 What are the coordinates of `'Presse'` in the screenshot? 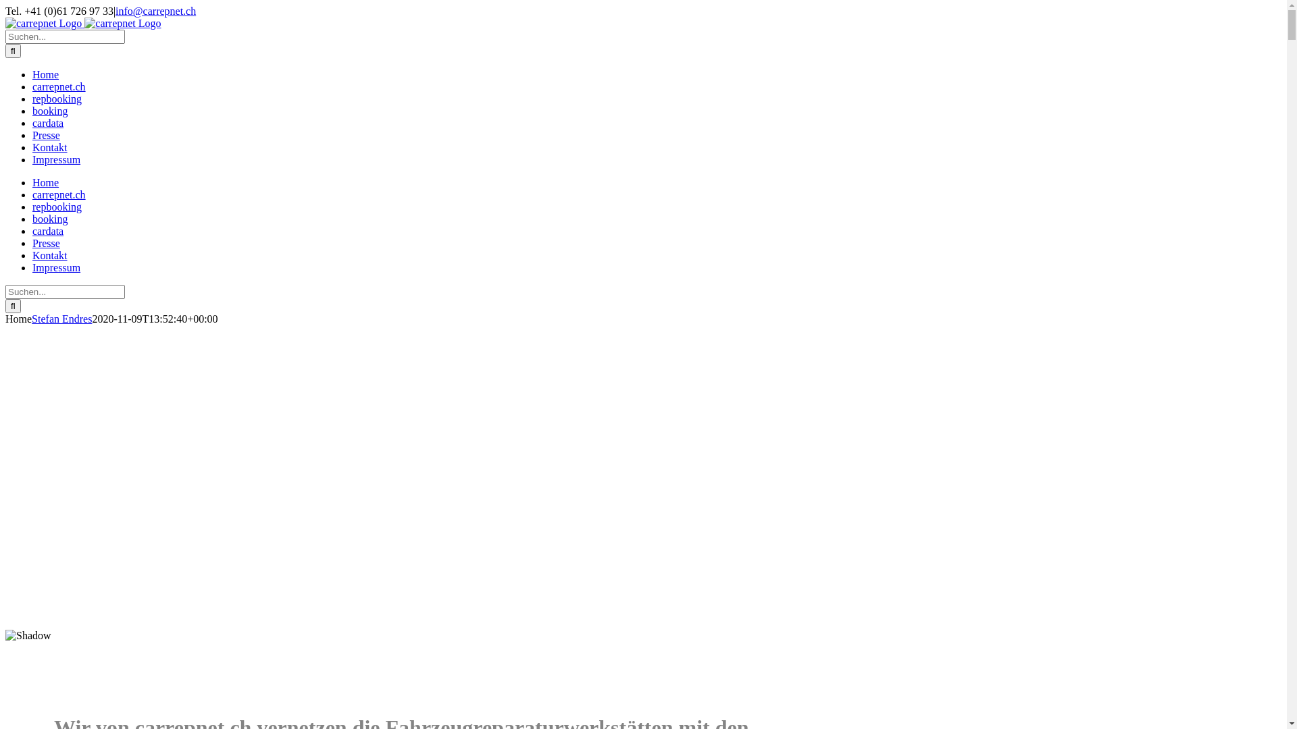 It's located at (32, 135).